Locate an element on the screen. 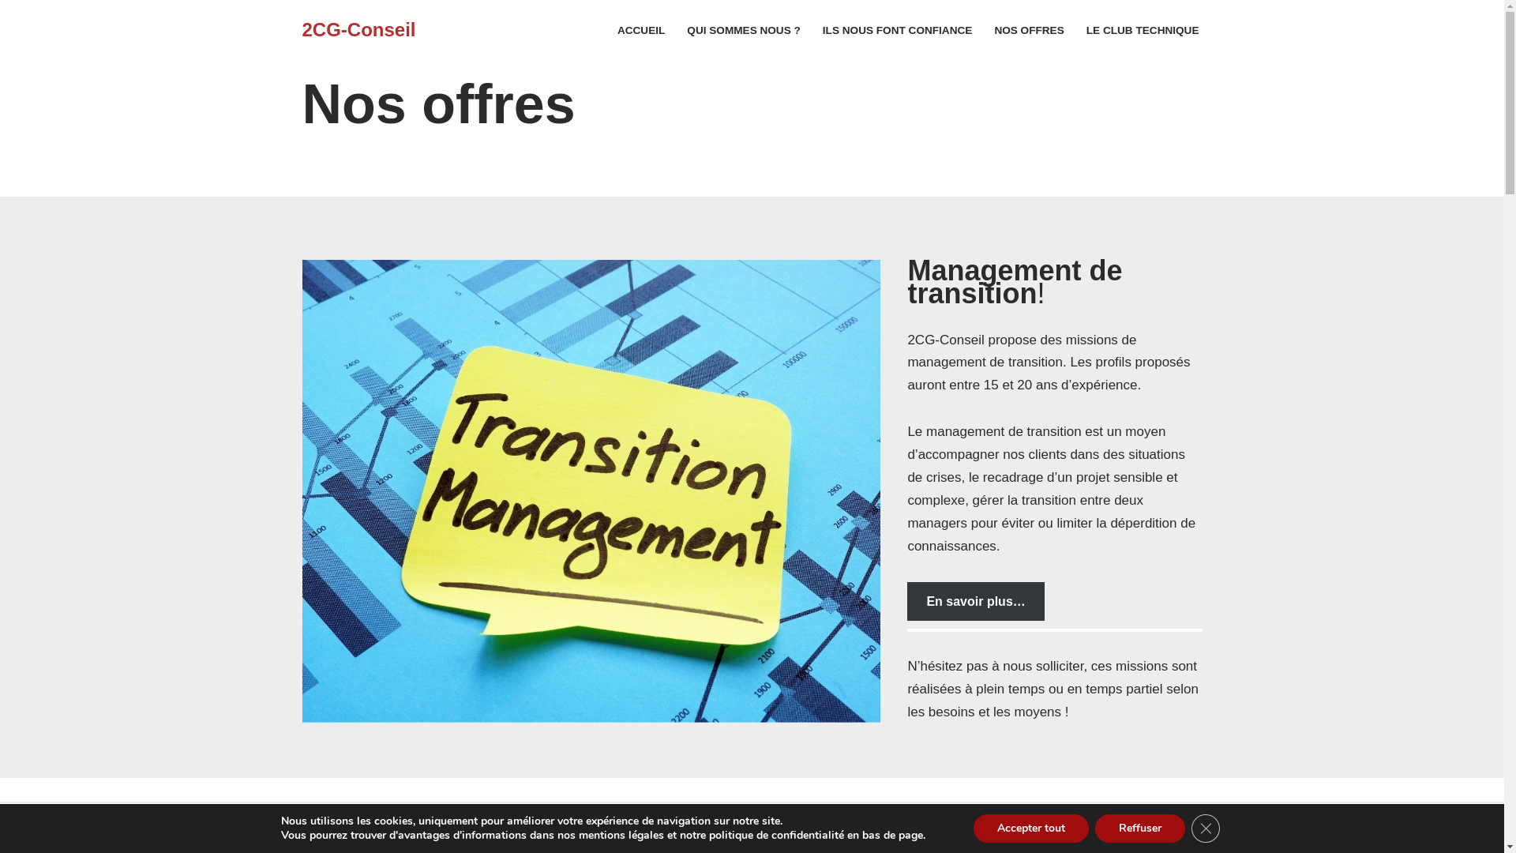 The image size is (1516, 853). 'Accepter tout' is located at coordinates (1030, 828).